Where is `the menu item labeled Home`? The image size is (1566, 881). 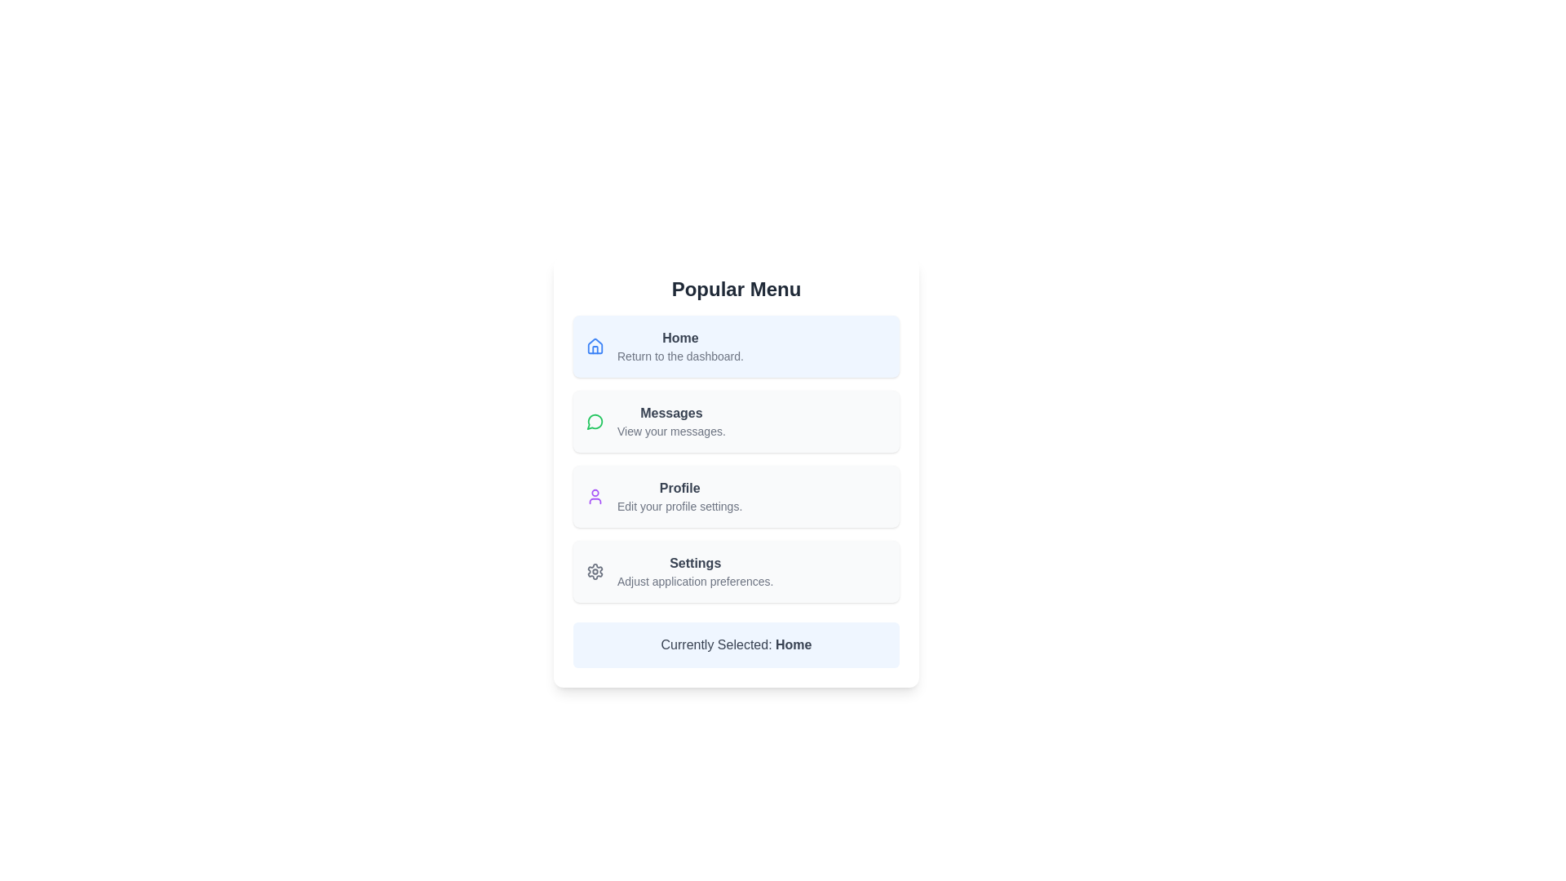 the menu item labeled Home is located at coordinates (680, 345).